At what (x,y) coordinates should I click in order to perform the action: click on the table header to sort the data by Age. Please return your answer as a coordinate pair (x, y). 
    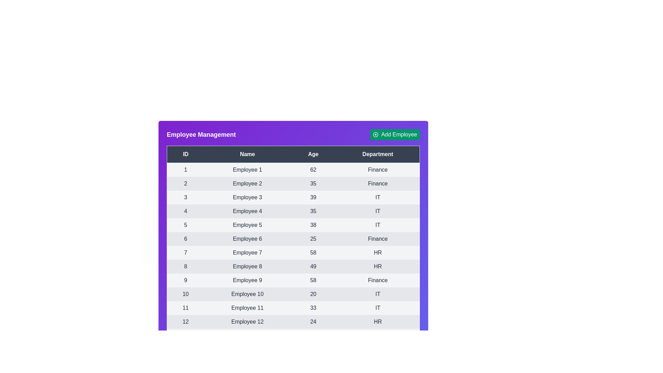
    Looking at the image, I should click on (313, 154).